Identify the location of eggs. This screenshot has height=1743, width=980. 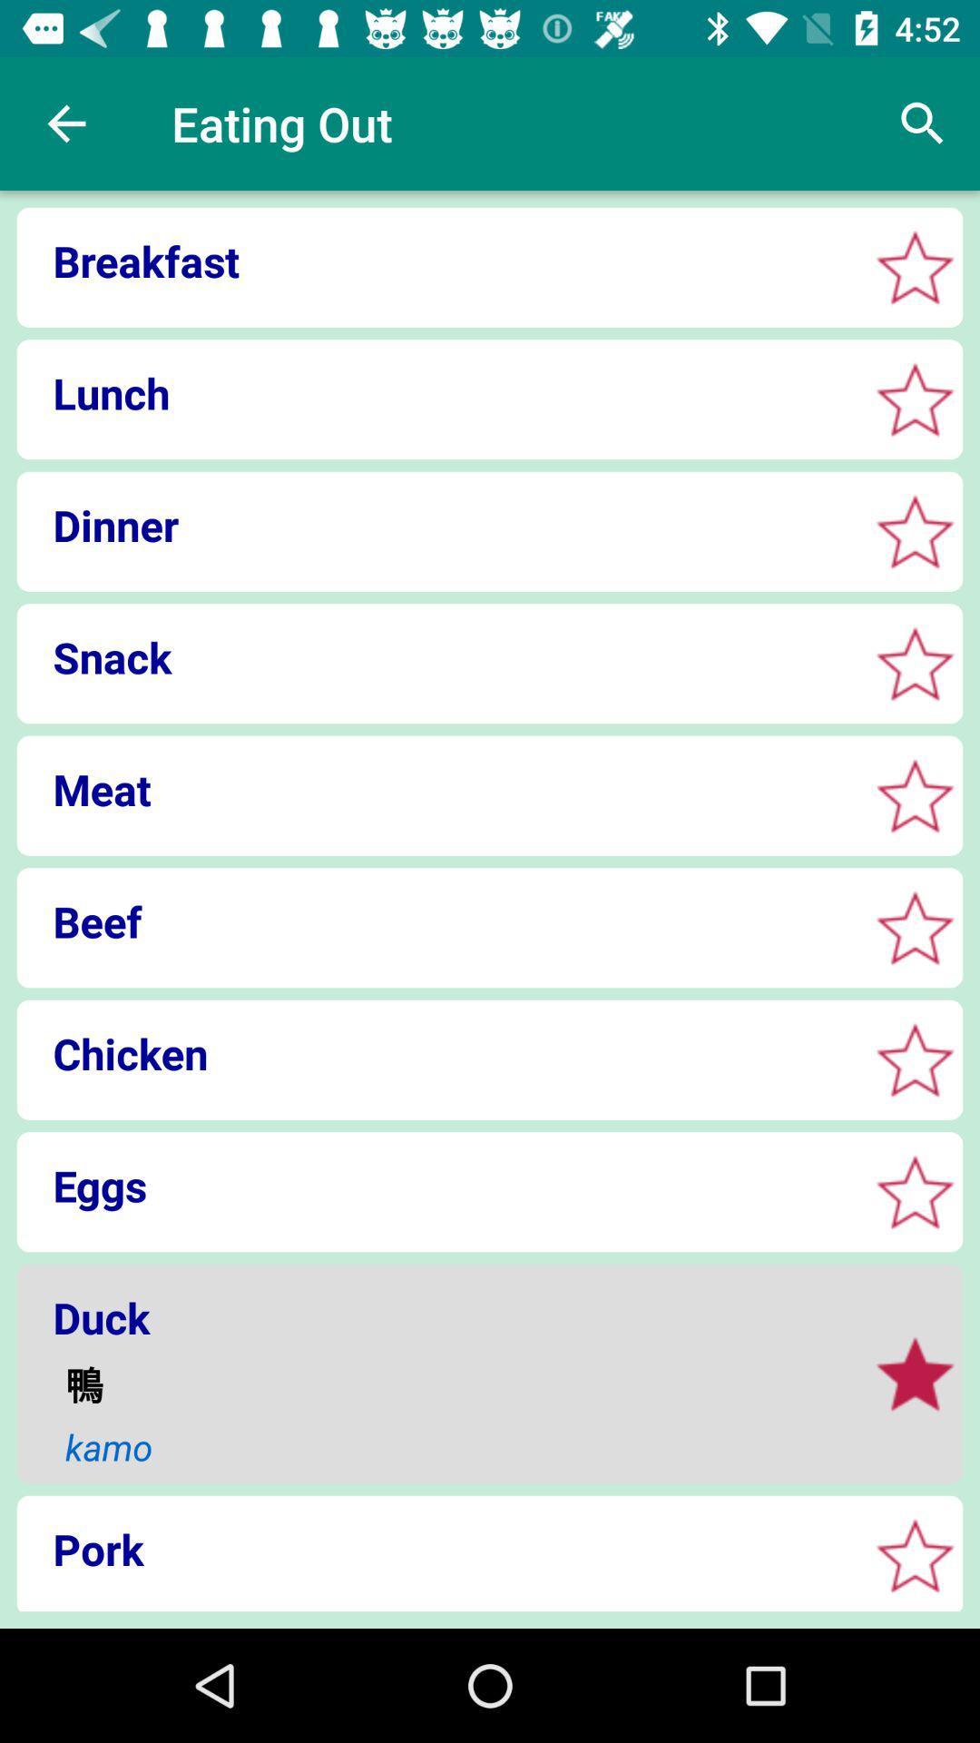
(436, 1186).